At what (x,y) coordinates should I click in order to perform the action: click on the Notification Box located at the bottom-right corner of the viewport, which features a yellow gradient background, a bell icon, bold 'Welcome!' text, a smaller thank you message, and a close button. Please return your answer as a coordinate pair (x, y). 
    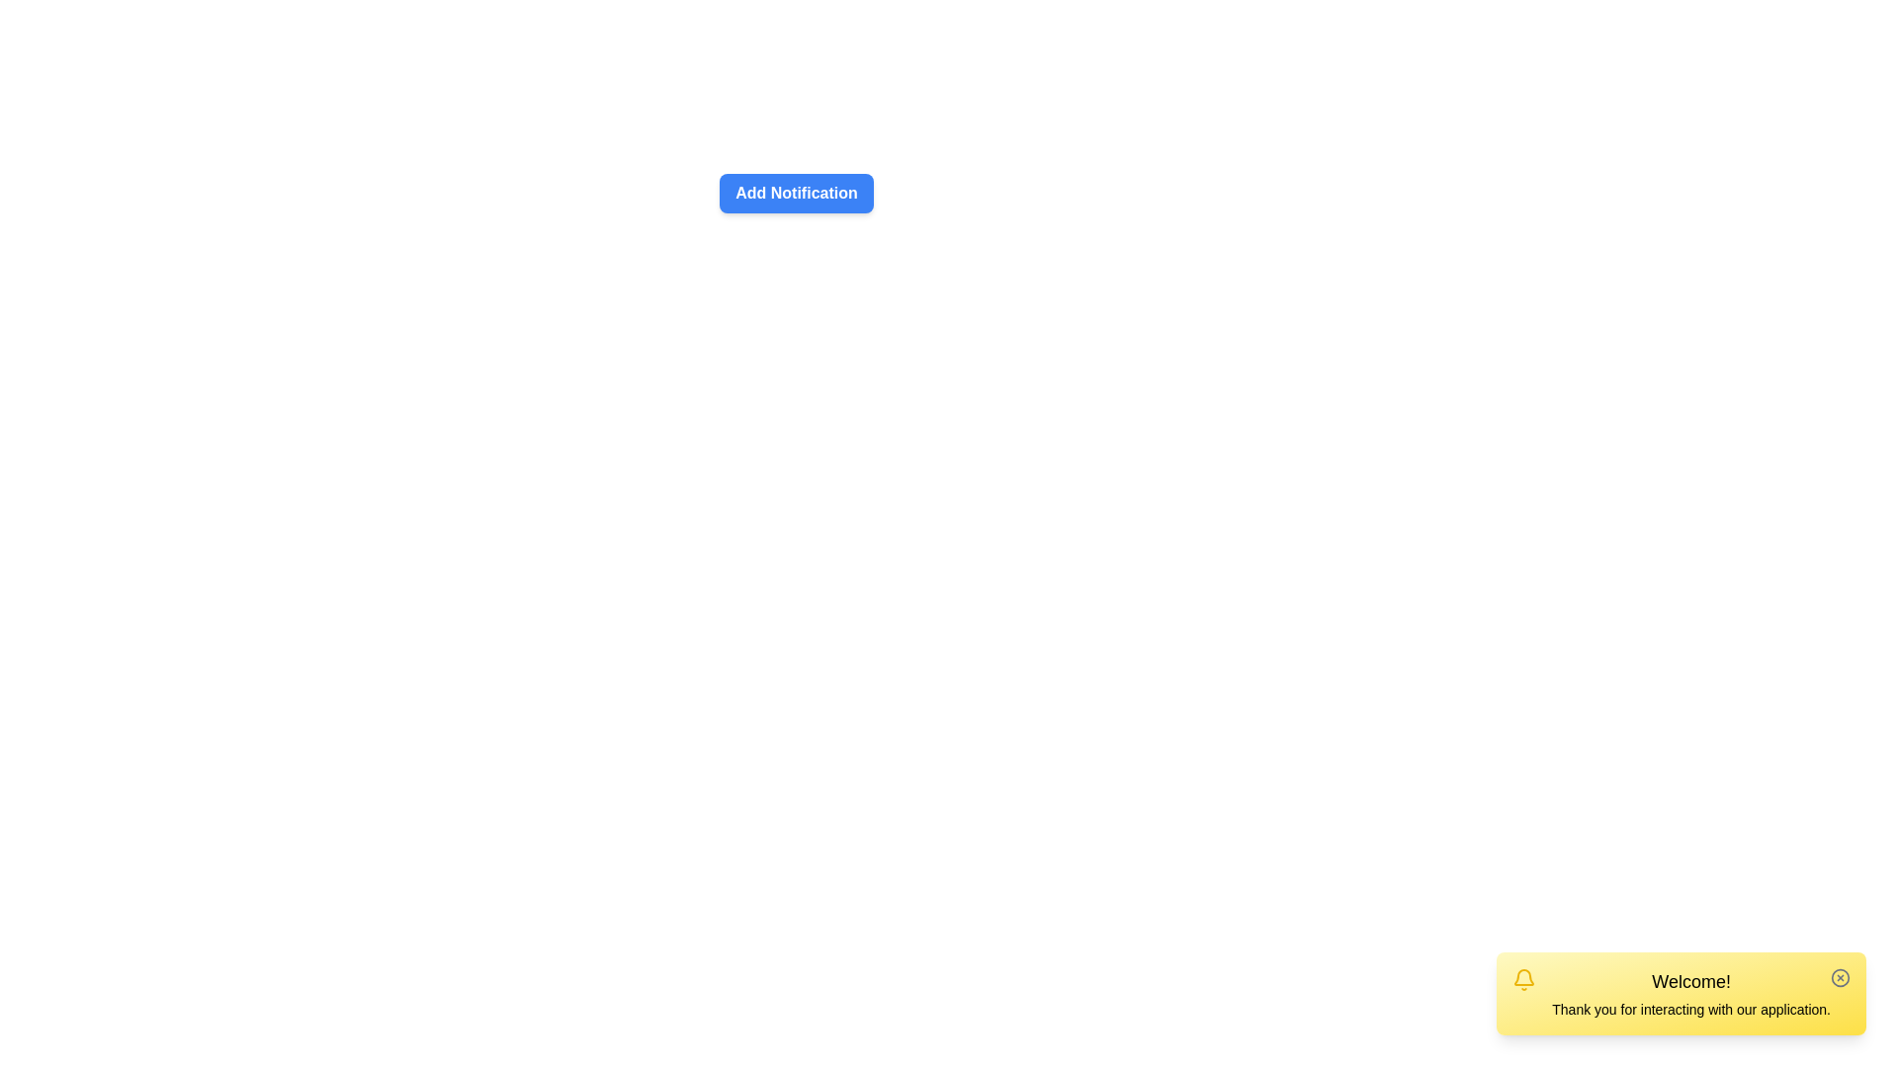
    Looking at the image, I should click on (1681, 994).